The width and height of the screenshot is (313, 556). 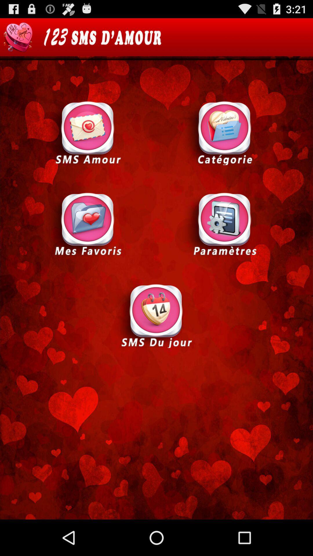 What do you see at coordinates (224, 132) in the screenshot?
I see `selection option` at bounding box center [224, 132].